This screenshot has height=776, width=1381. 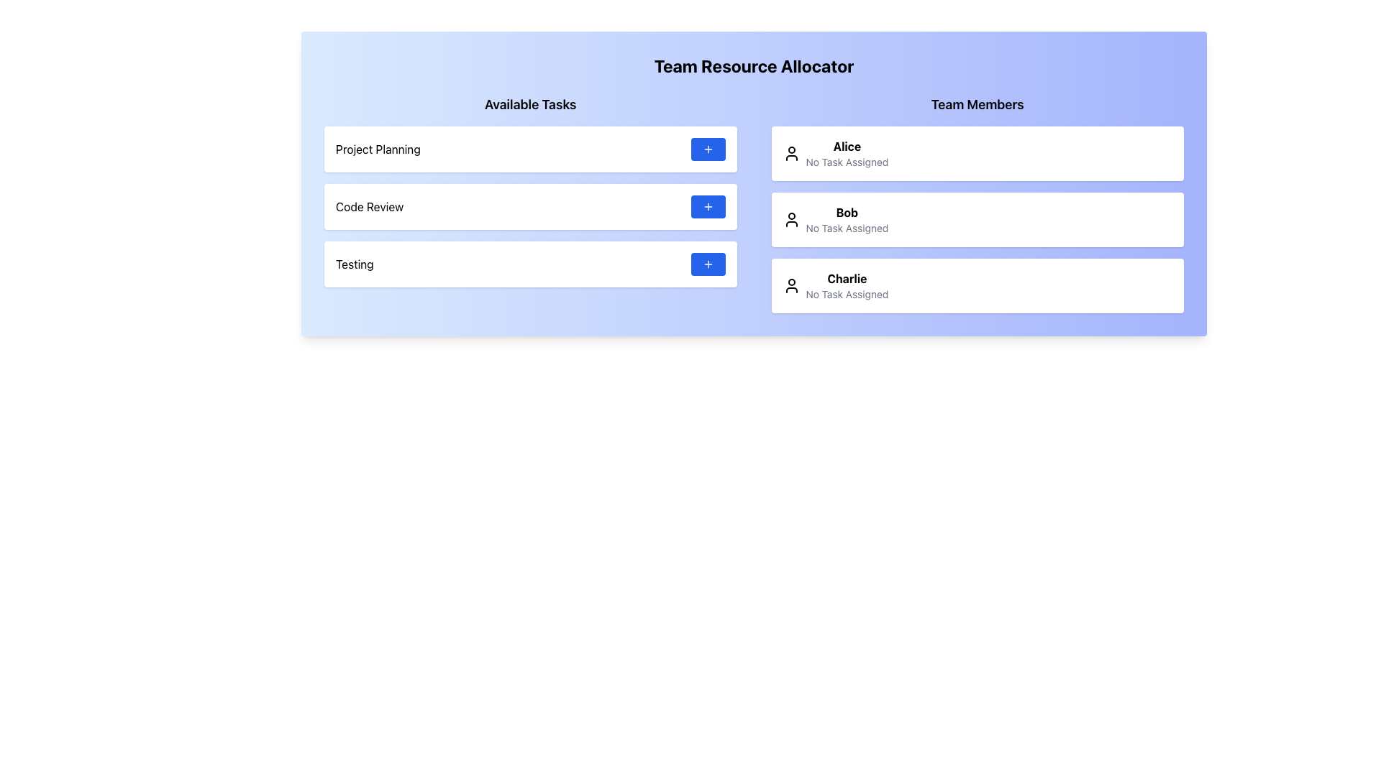 What do you see at coordinates (847, 285) in the screenshot?
I see `label displaying the user's name 'Charlie' and their task status 'No Task Assigned', located in the third row of the Team Members section on the right side of the interface` at bounding box center [847, 285].